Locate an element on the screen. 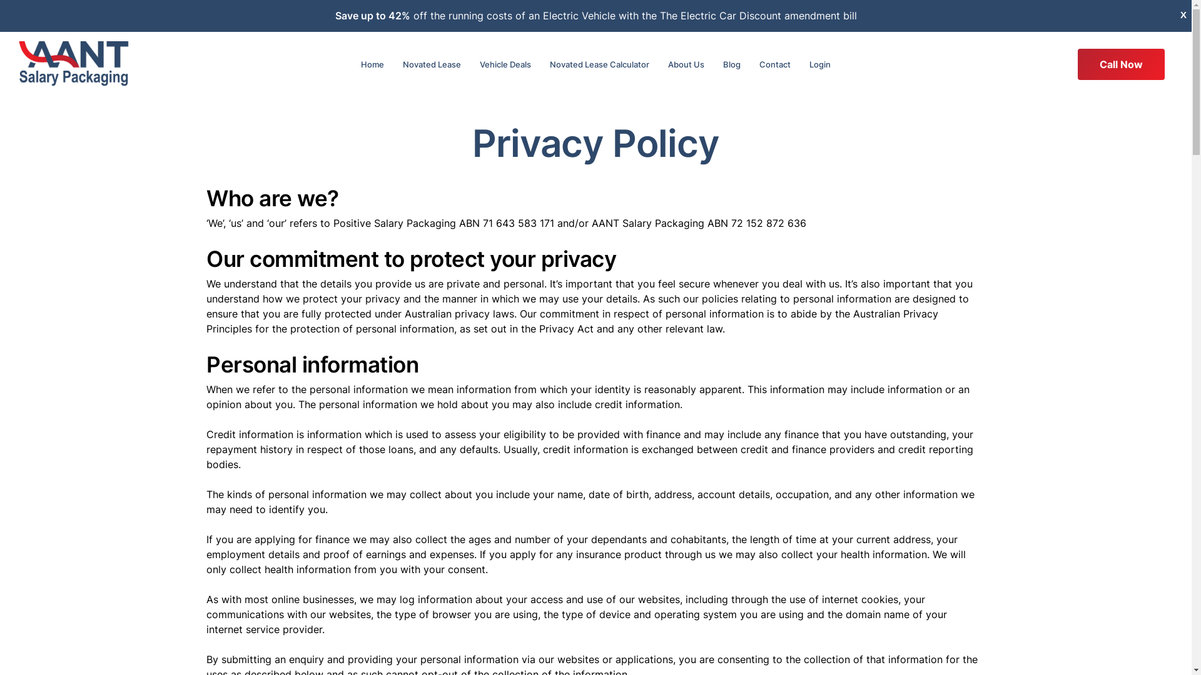  'Login' is located at coordinates (819, 64).